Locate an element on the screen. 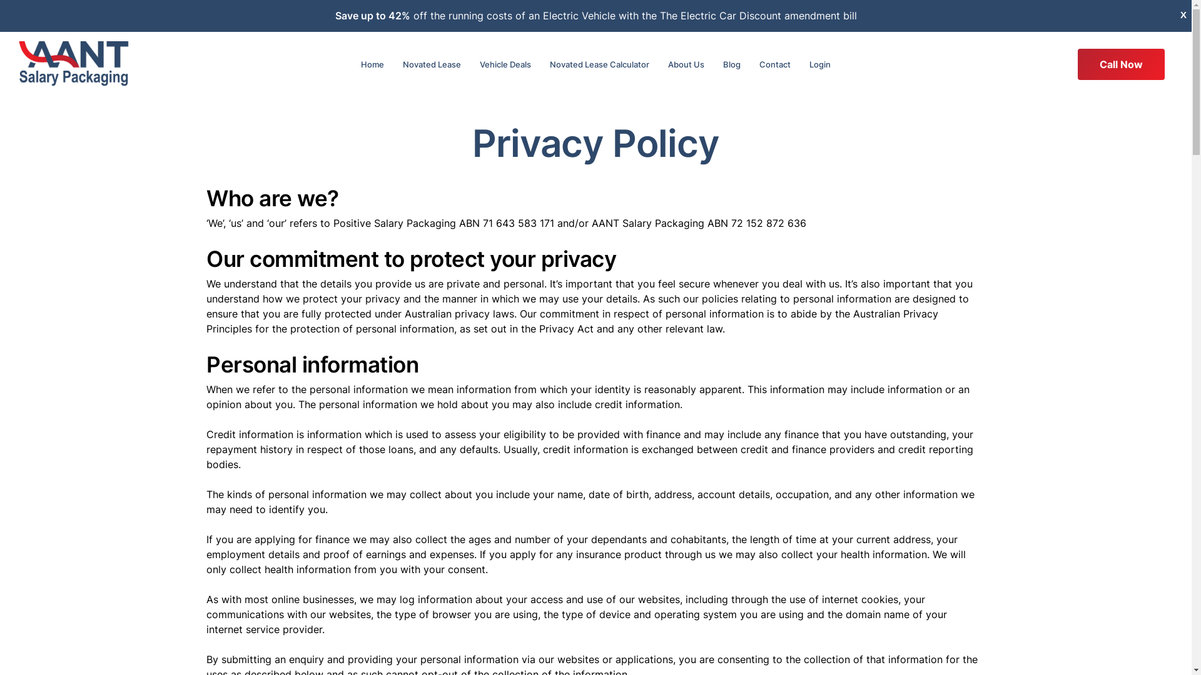  'Login' is located at coordinates (819, 64).